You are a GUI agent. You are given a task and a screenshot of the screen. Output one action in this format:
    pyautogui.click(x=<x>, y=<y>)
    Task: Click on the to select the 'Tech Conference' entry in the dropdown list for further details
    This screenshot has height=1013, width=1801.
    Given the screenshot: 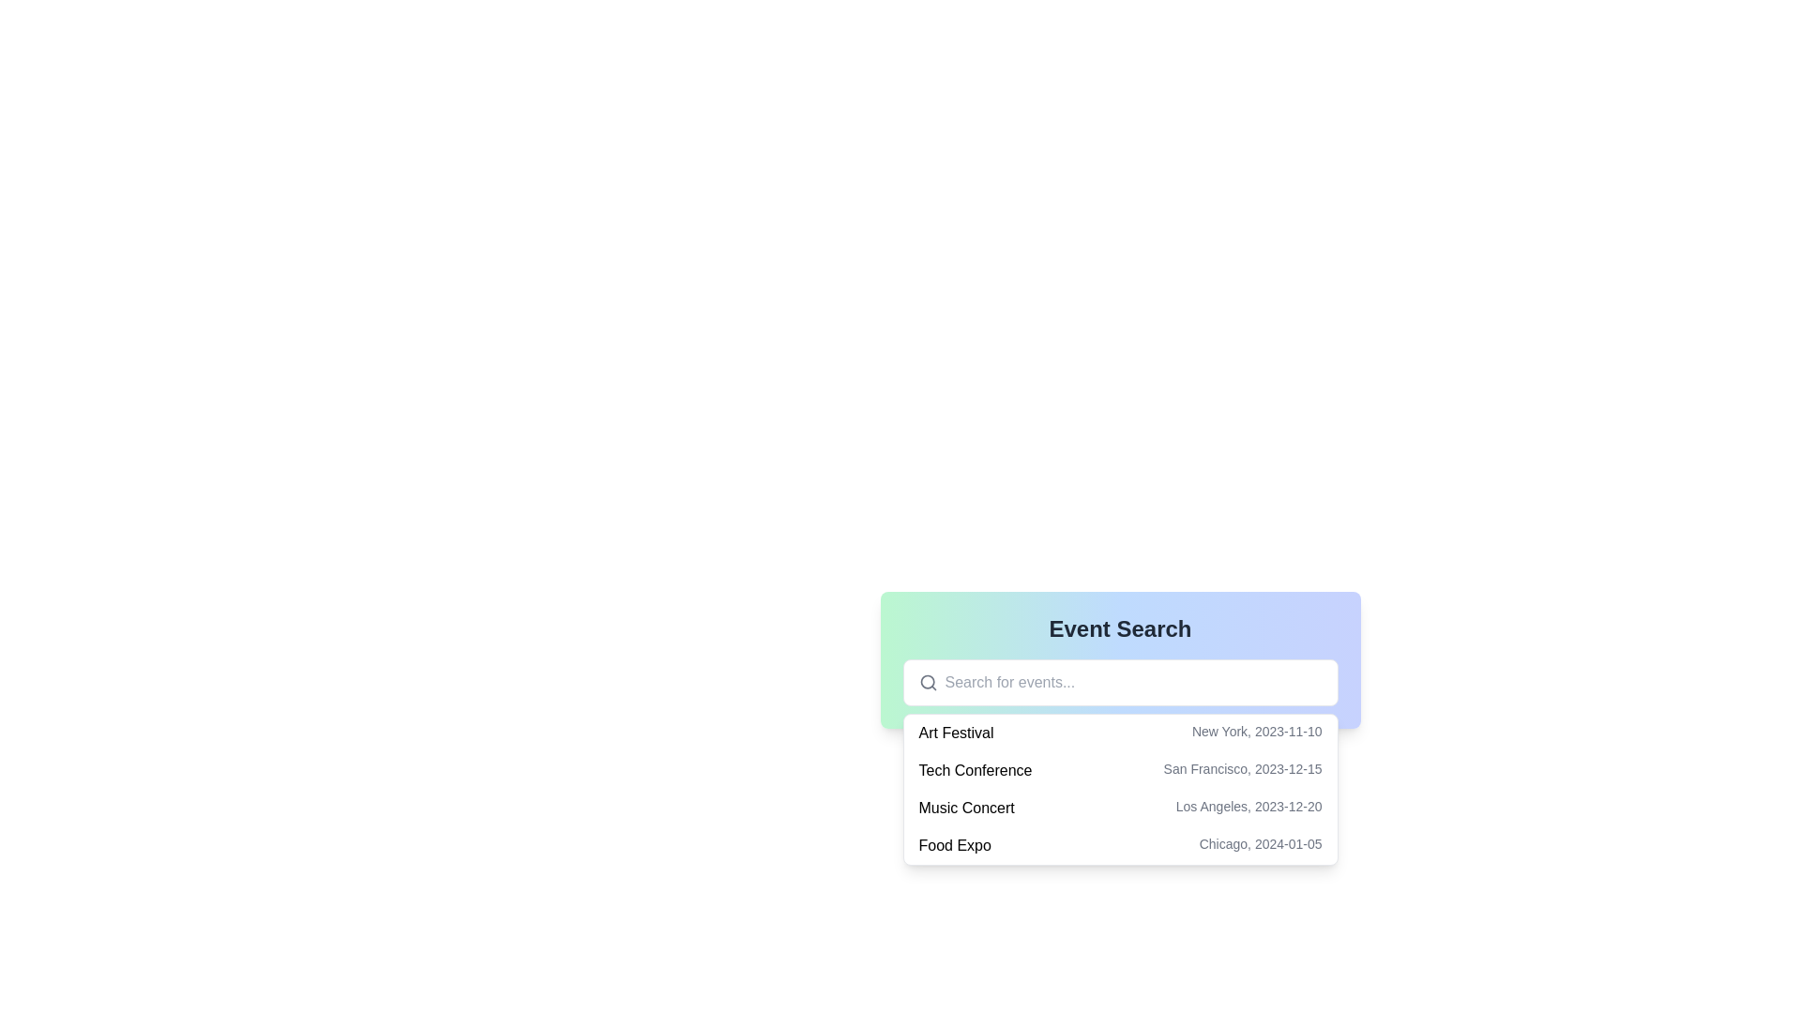 What is the action you would take?
    pyautogui.click(x=1120, y=770)
    